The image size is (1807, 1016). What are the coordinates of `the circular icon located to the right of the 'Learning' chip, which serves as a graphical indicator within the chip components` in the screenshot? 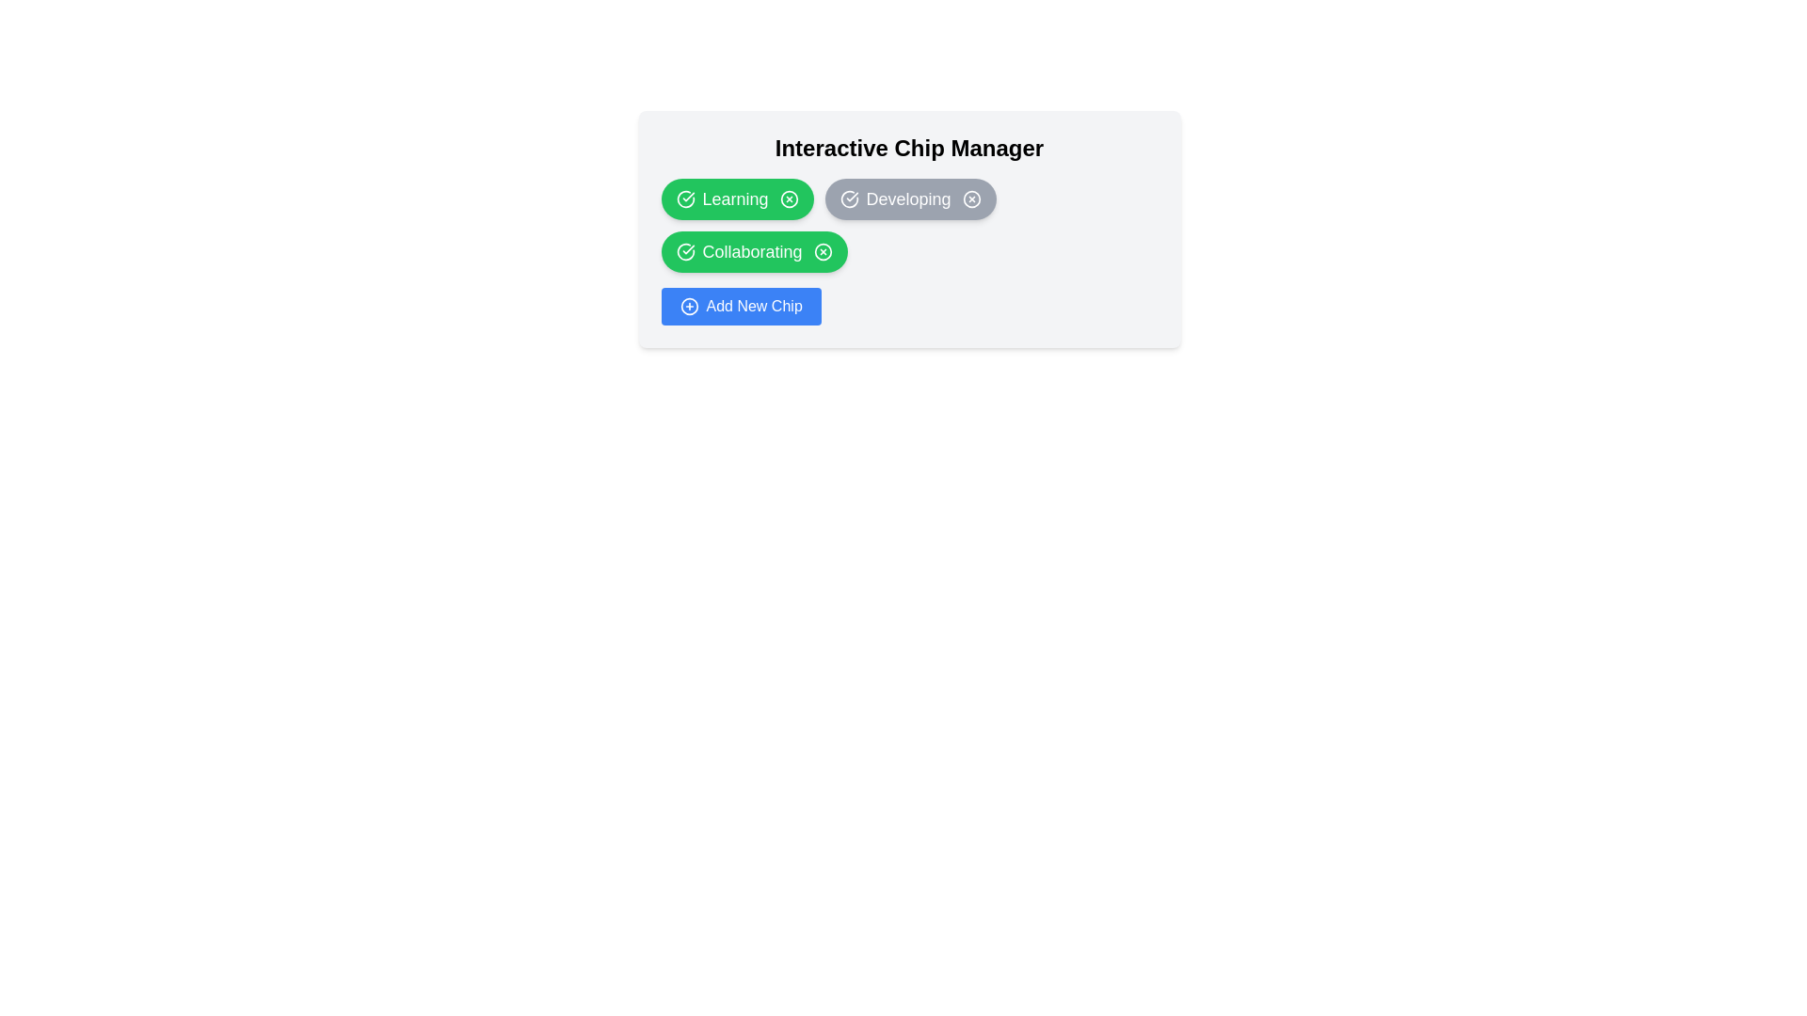 It's located at (789, 199).